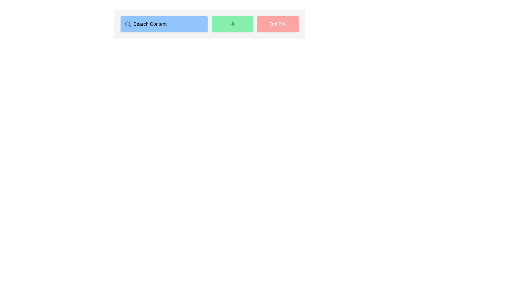 This screenshot has height=287, width=511. What do you see at coordinates (233, 24) in the screenshot?
I see `the rightward-pointing arrow icon located in the middle right side of the green button labeled 'End Box'` at bounding box center [233, 24].